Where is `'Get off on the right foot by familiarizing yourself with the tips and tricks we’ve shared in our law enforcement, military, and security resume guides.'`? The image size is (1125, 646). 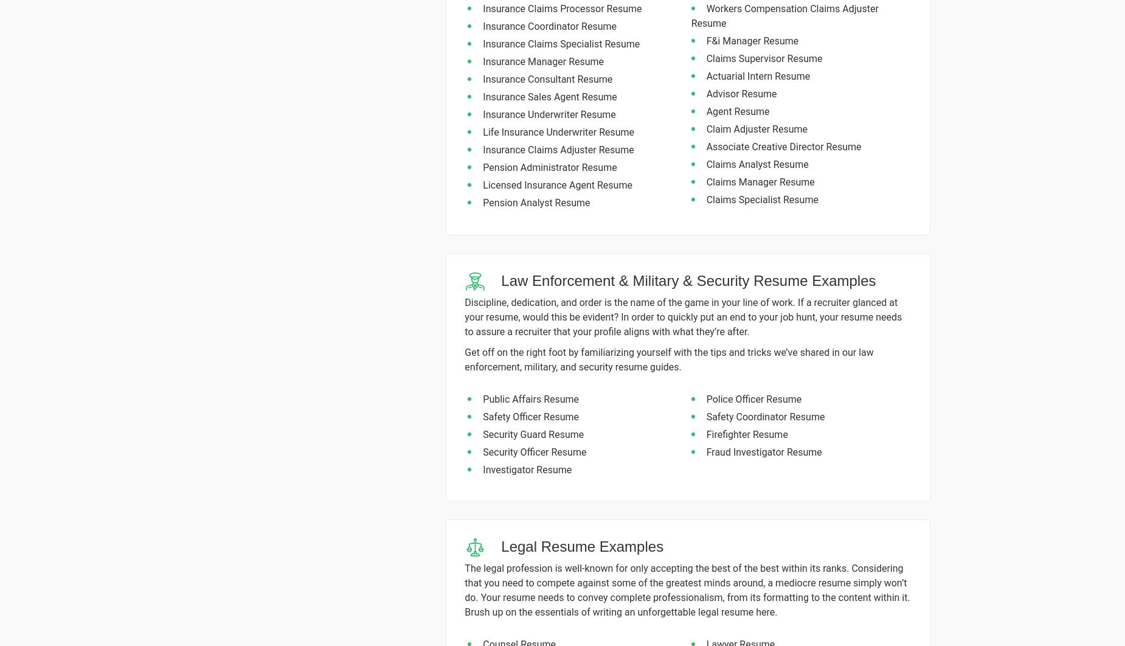 'Get off on the right foot by familiarizing yourself with the tips and tricks we’ve shared in our law enforcement, military, and security resume guides.' is located at coordinates (668, 359).